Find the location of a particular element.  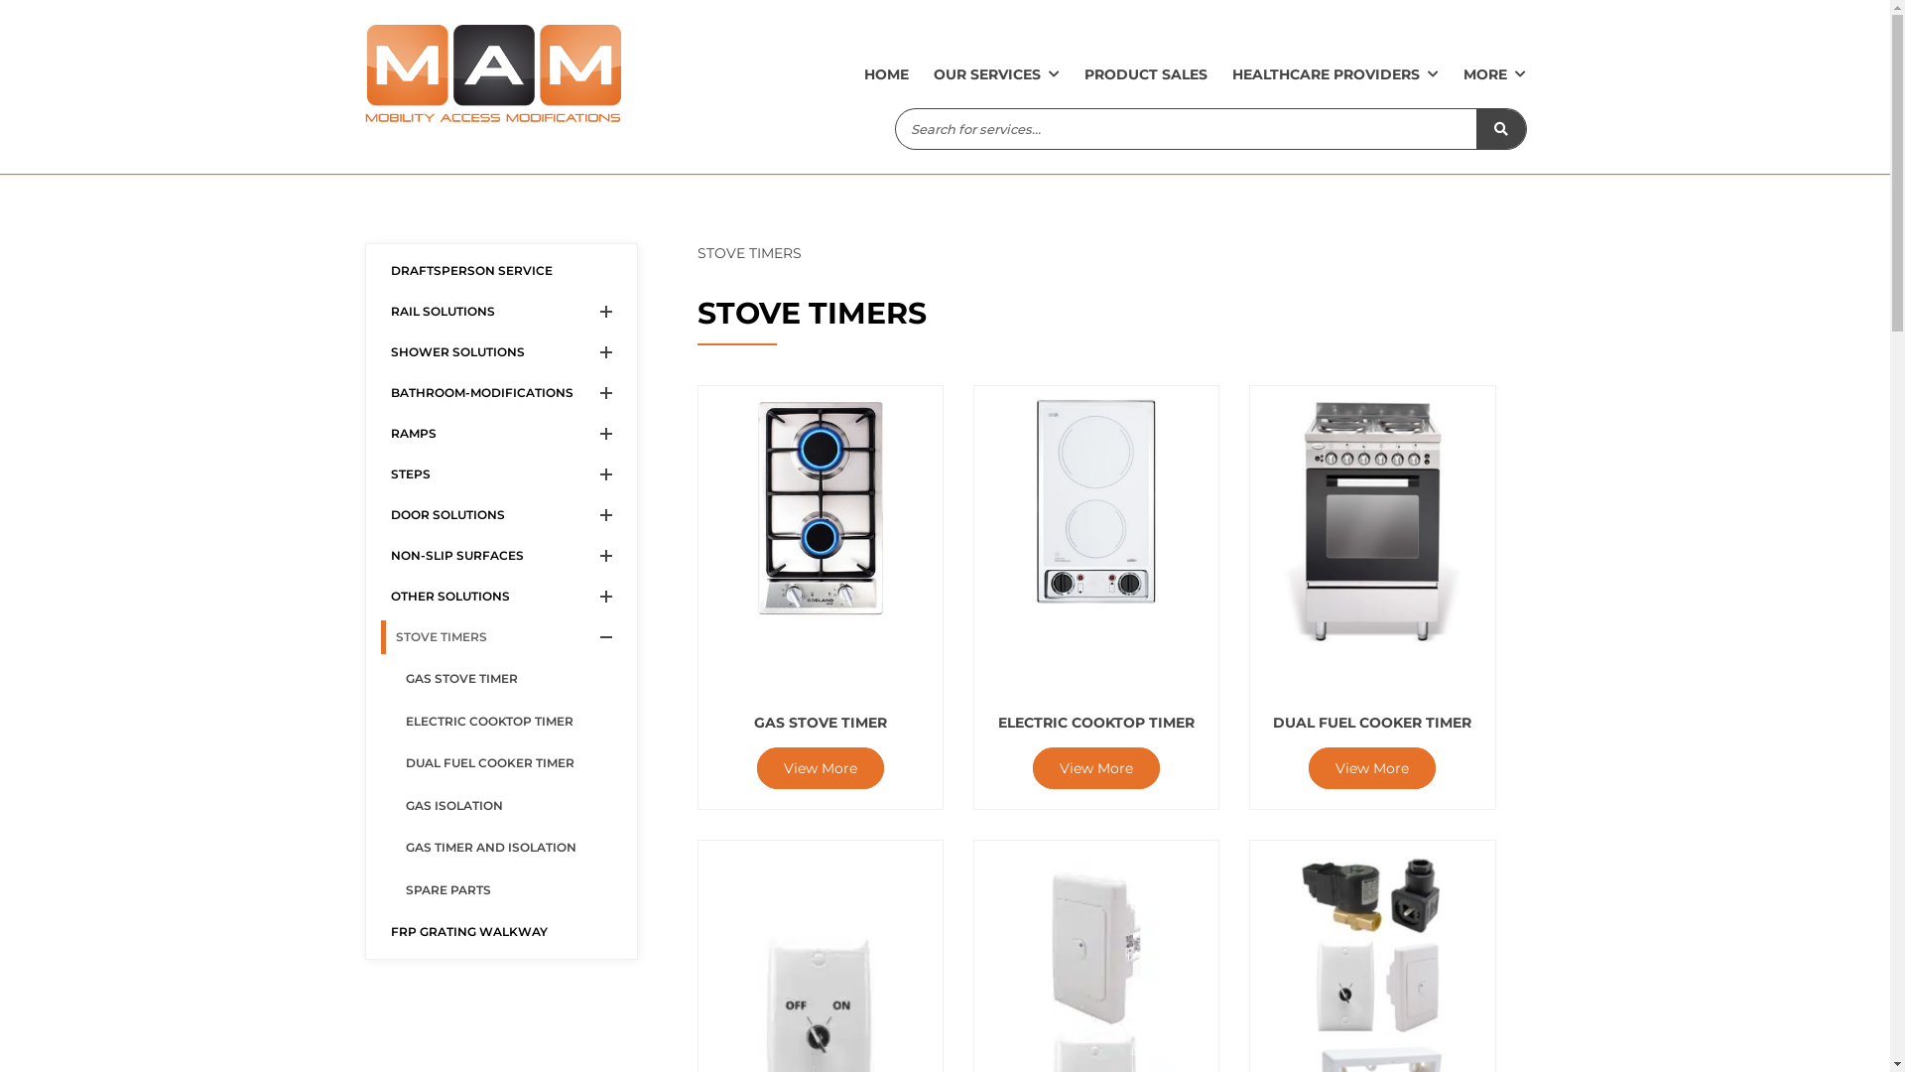

'ELECTRIC COOKTOP TIMER' is located at coordinates (395, 721).